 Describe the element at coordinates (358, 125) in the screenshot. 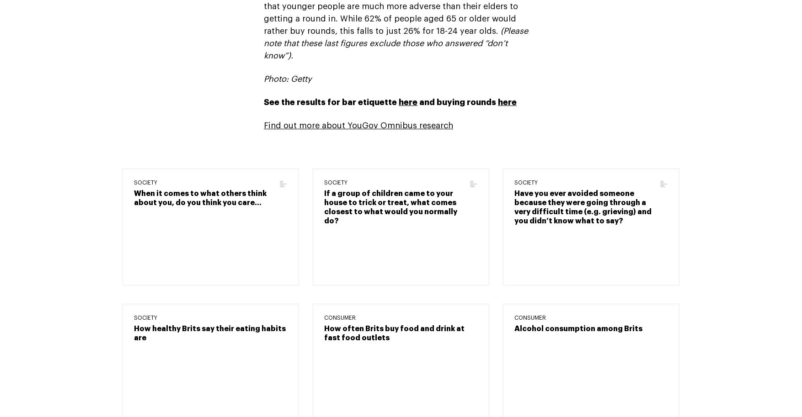

I see `'Find out more about YouGov Omnibus research'` at that location.